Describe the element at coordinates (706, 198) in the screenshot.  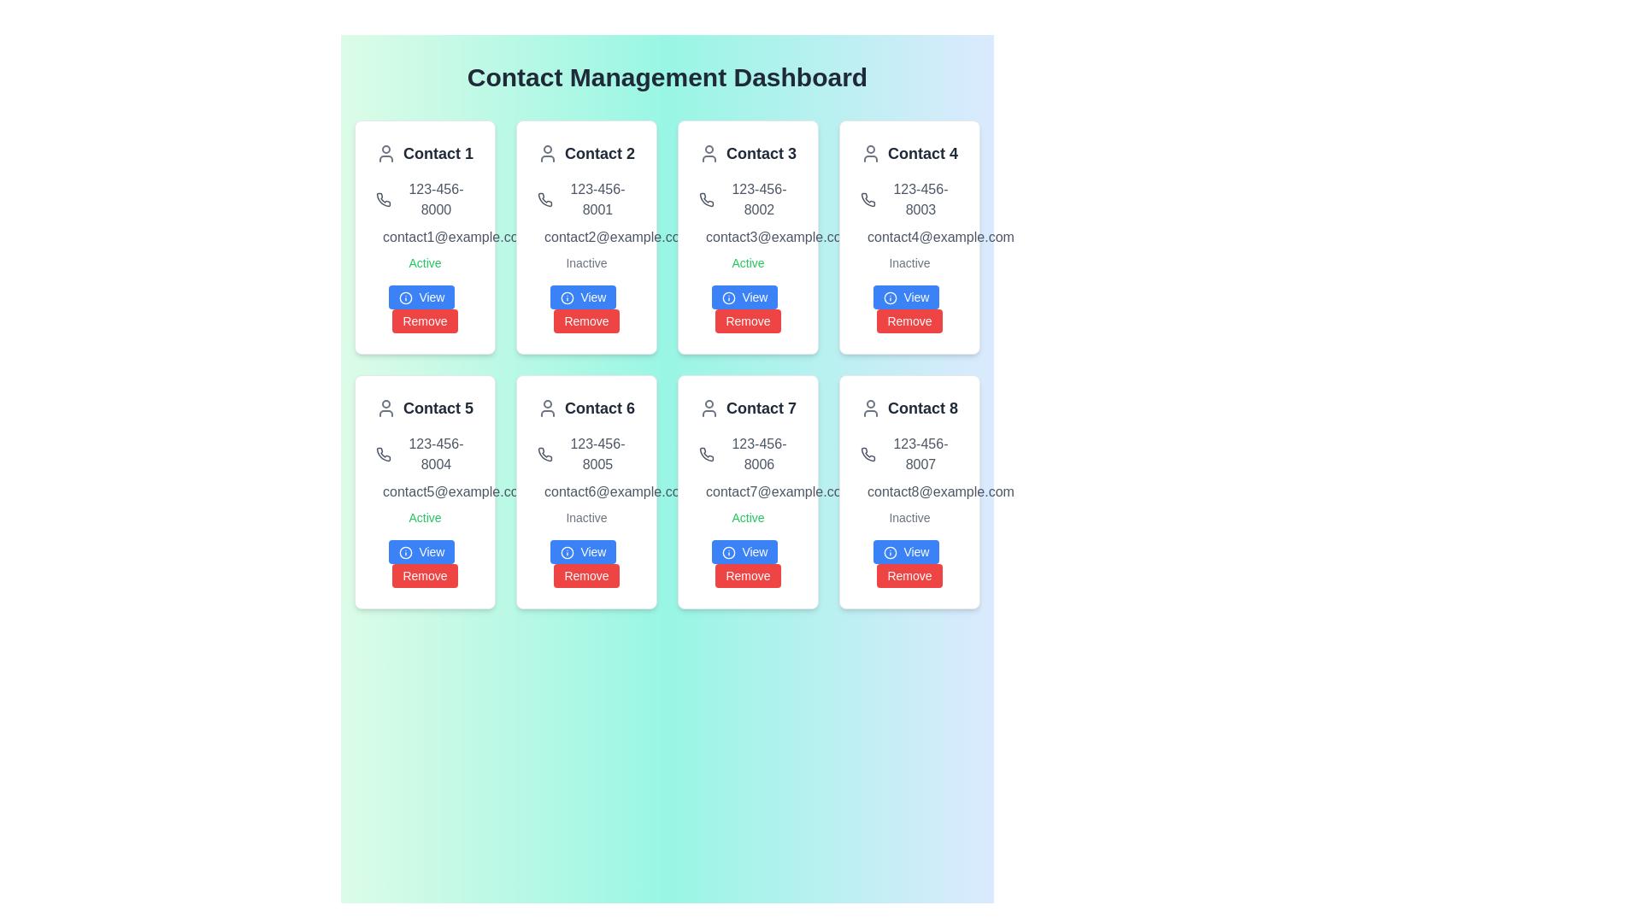
I see `the icon representing the phone contact detail for 'Contact 3', located in the third contact card of the grid layout` at that location.